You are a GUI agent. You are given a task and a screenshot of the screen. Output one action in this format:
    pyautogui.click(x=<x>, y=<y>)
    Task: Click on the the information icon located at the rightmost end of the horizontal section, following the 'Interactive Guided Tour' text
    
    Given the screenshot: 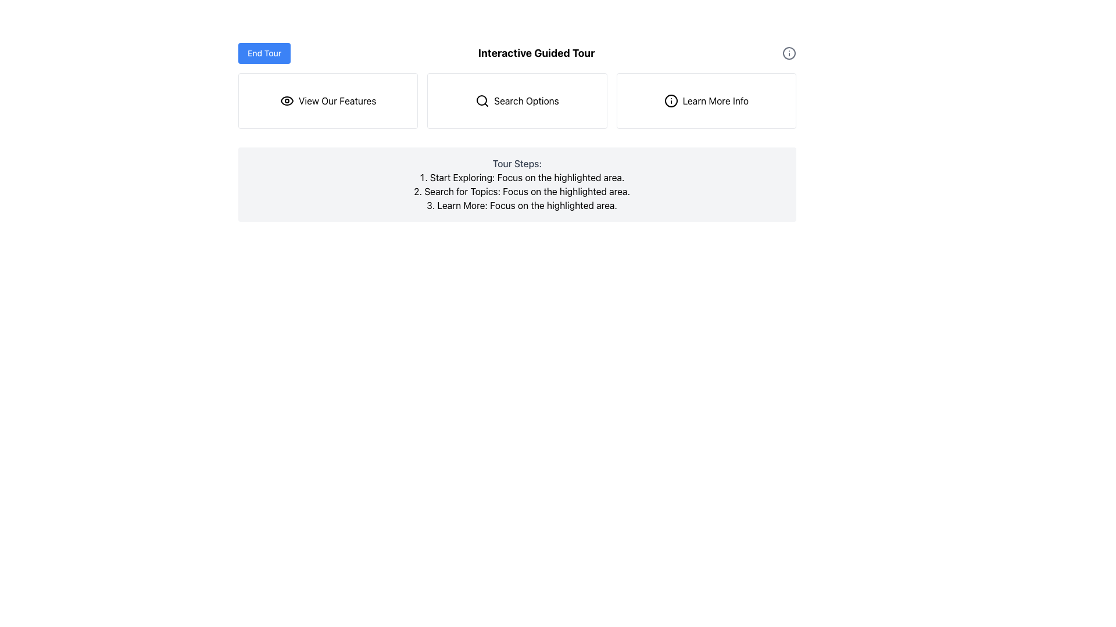 What is the action you would take?
    pyautogui.click(x=789, y=53)
    